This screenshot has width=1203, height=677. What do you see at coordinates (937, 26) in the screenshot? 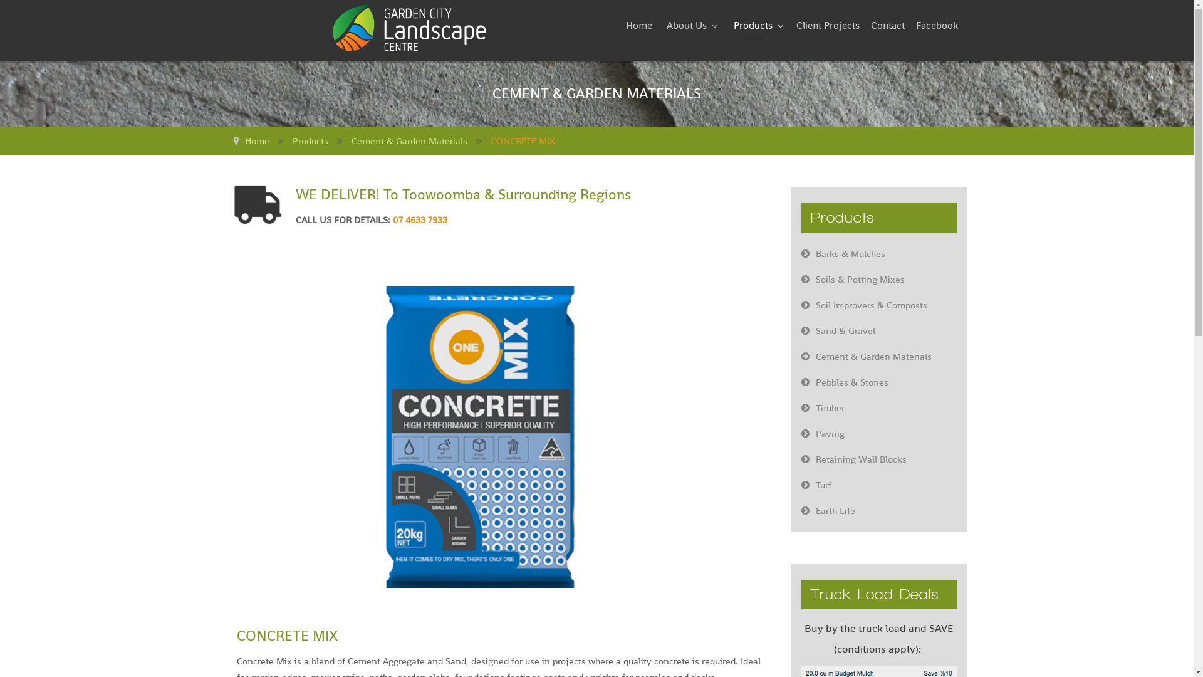
I see `'Facebook'` at bounding box center [937, 26].